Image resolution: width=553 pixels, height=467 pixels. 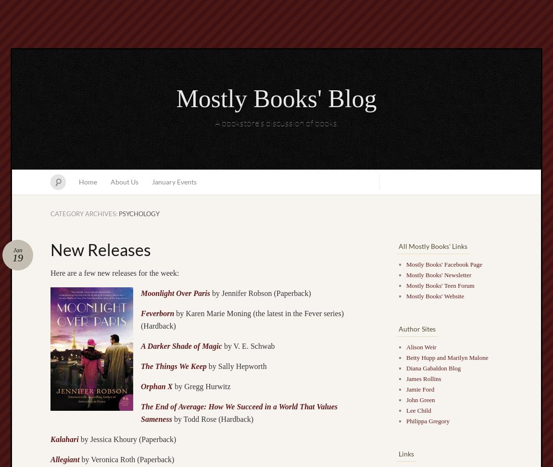 What do you see at coordinates (435, 296) in the screenshot?
I see `'Mostly Books' Website'` at bounding box center [435, 296].